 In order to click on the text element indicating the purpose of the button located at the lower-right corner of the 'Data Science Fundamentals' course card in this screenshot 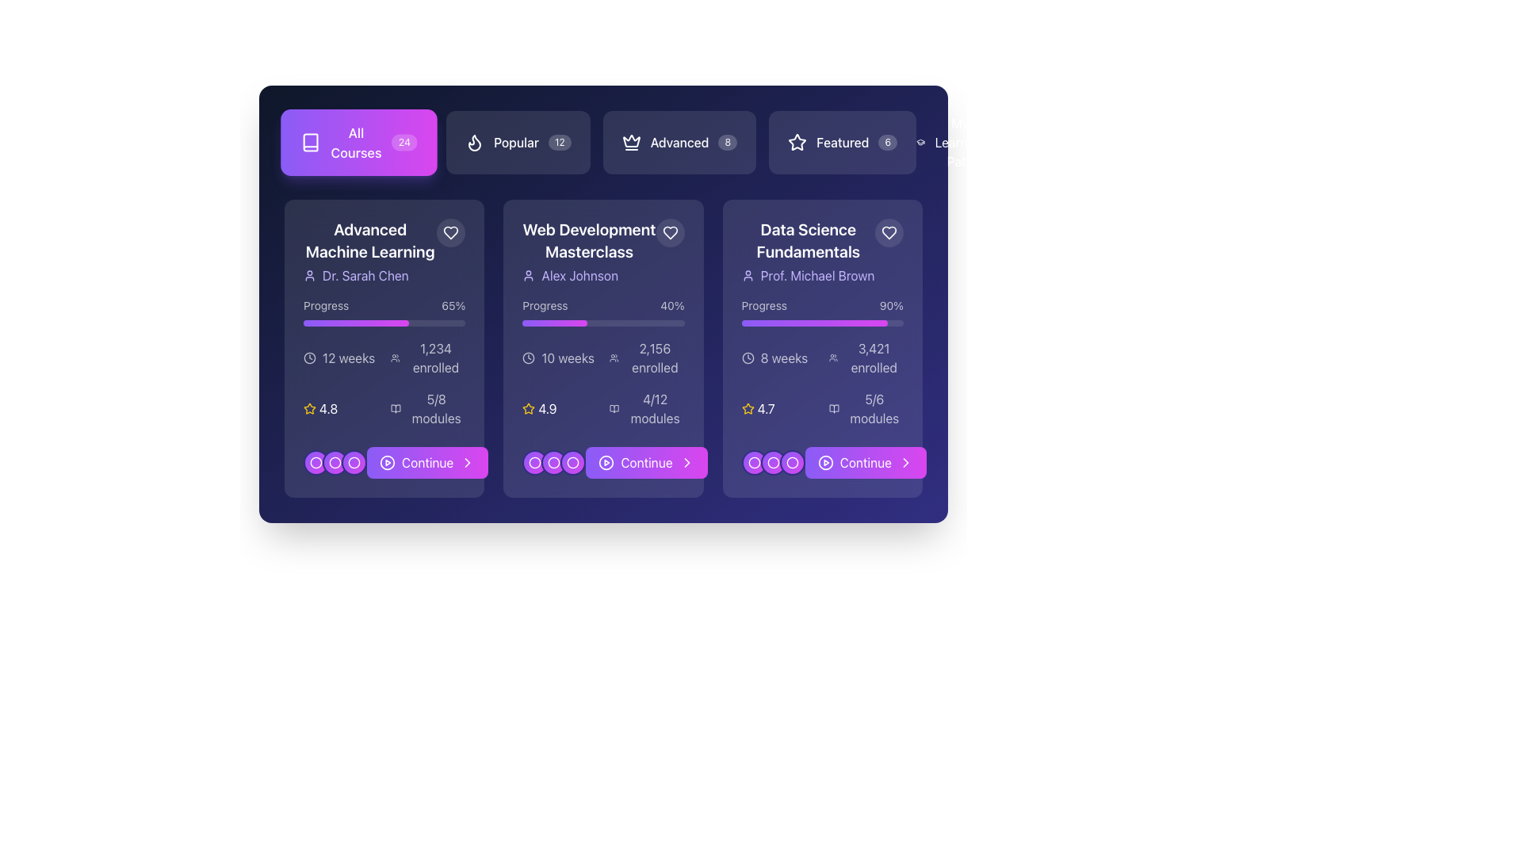, I will do `click(864, 462)`.